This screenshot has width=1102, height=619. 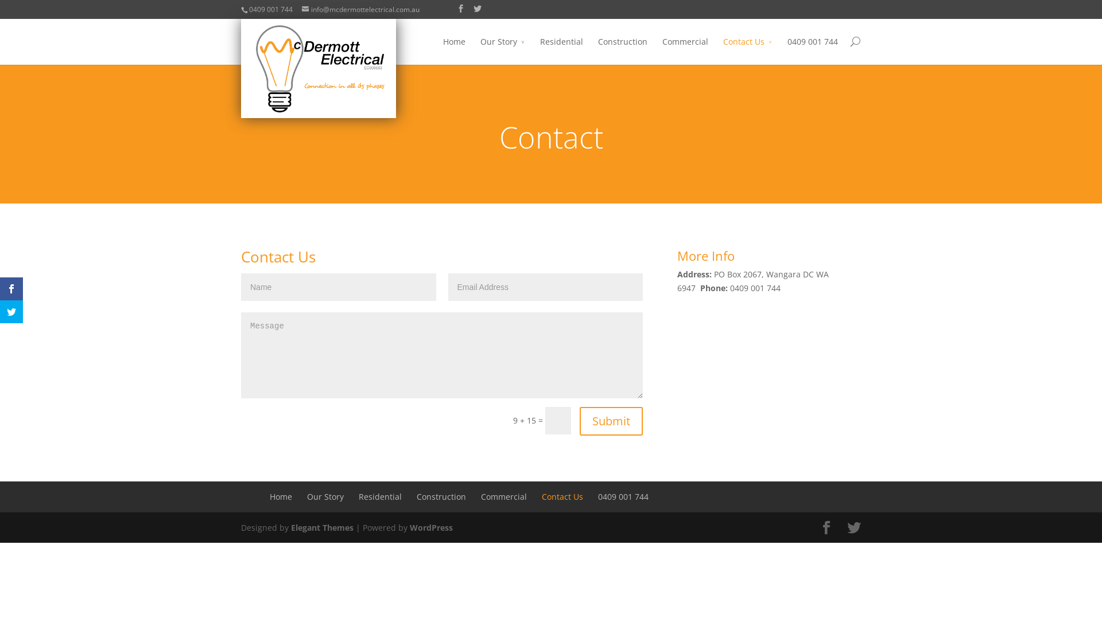 I want to click on 'Home', so click(x=453, y=49).